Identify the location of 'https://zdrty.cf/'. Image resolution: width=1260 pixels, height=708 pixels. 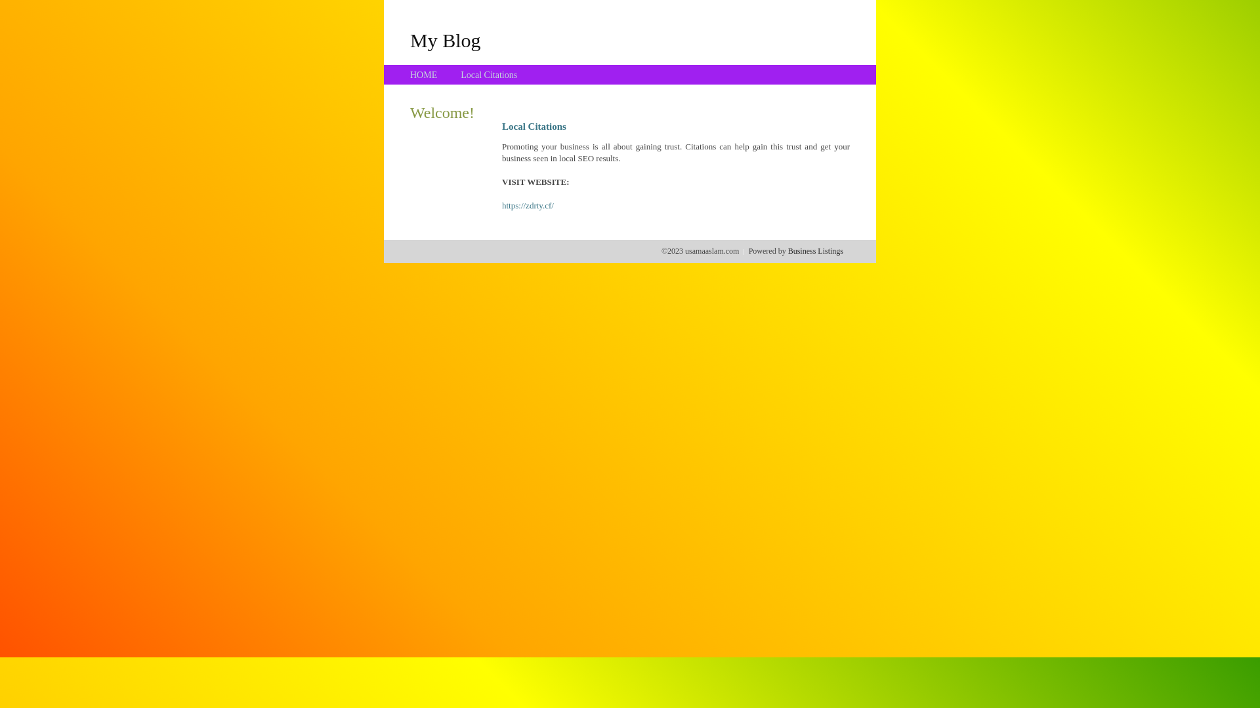
(528, 205).